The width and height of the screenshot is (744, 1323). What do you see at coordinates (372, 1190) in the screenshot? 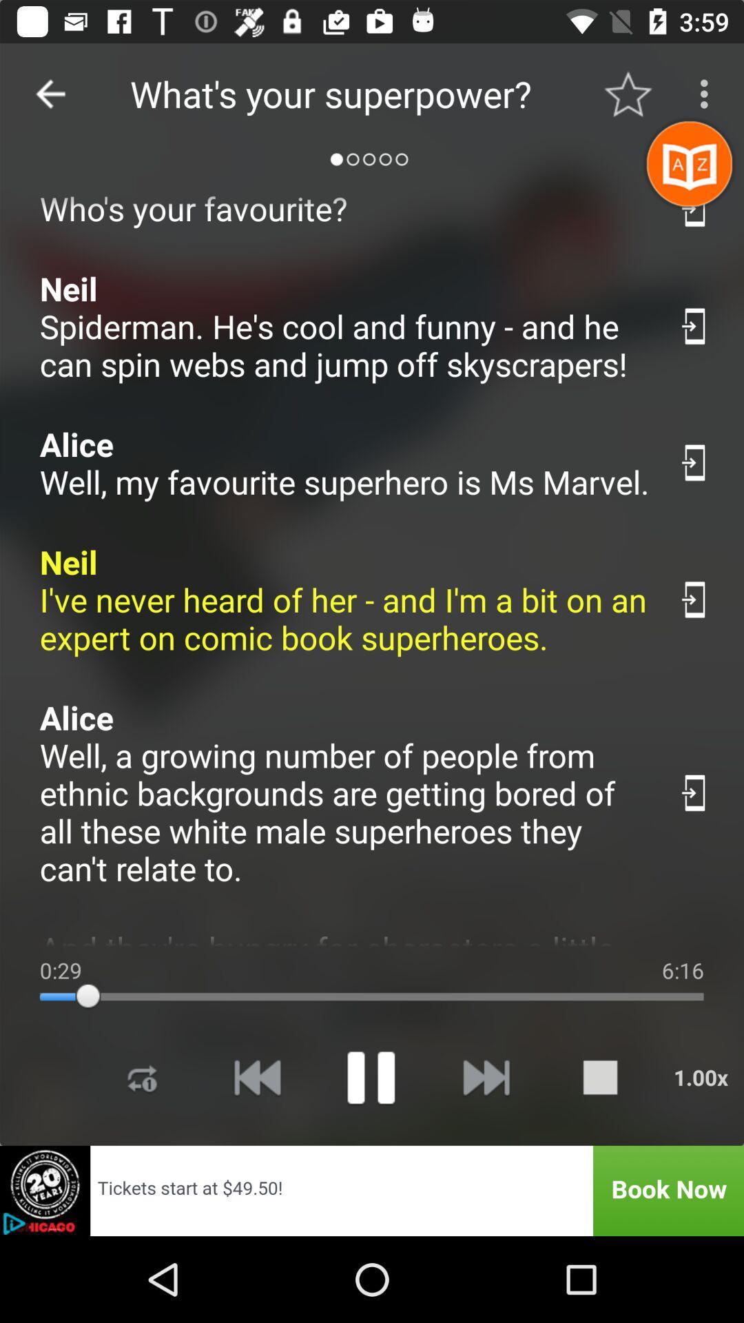
I see `open the book tickets tab` at bounding box center [372, 1190].